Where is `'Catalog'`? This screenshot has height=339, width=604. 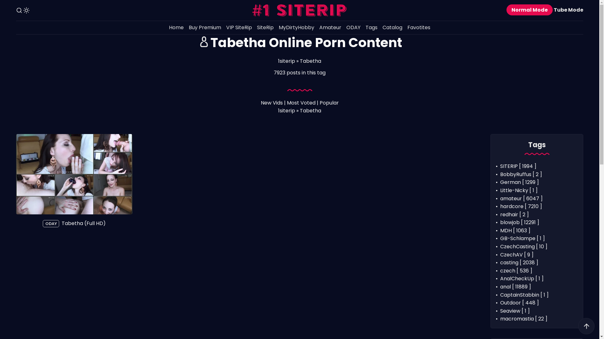
'Catalog' is located at coordinates (380, 27).